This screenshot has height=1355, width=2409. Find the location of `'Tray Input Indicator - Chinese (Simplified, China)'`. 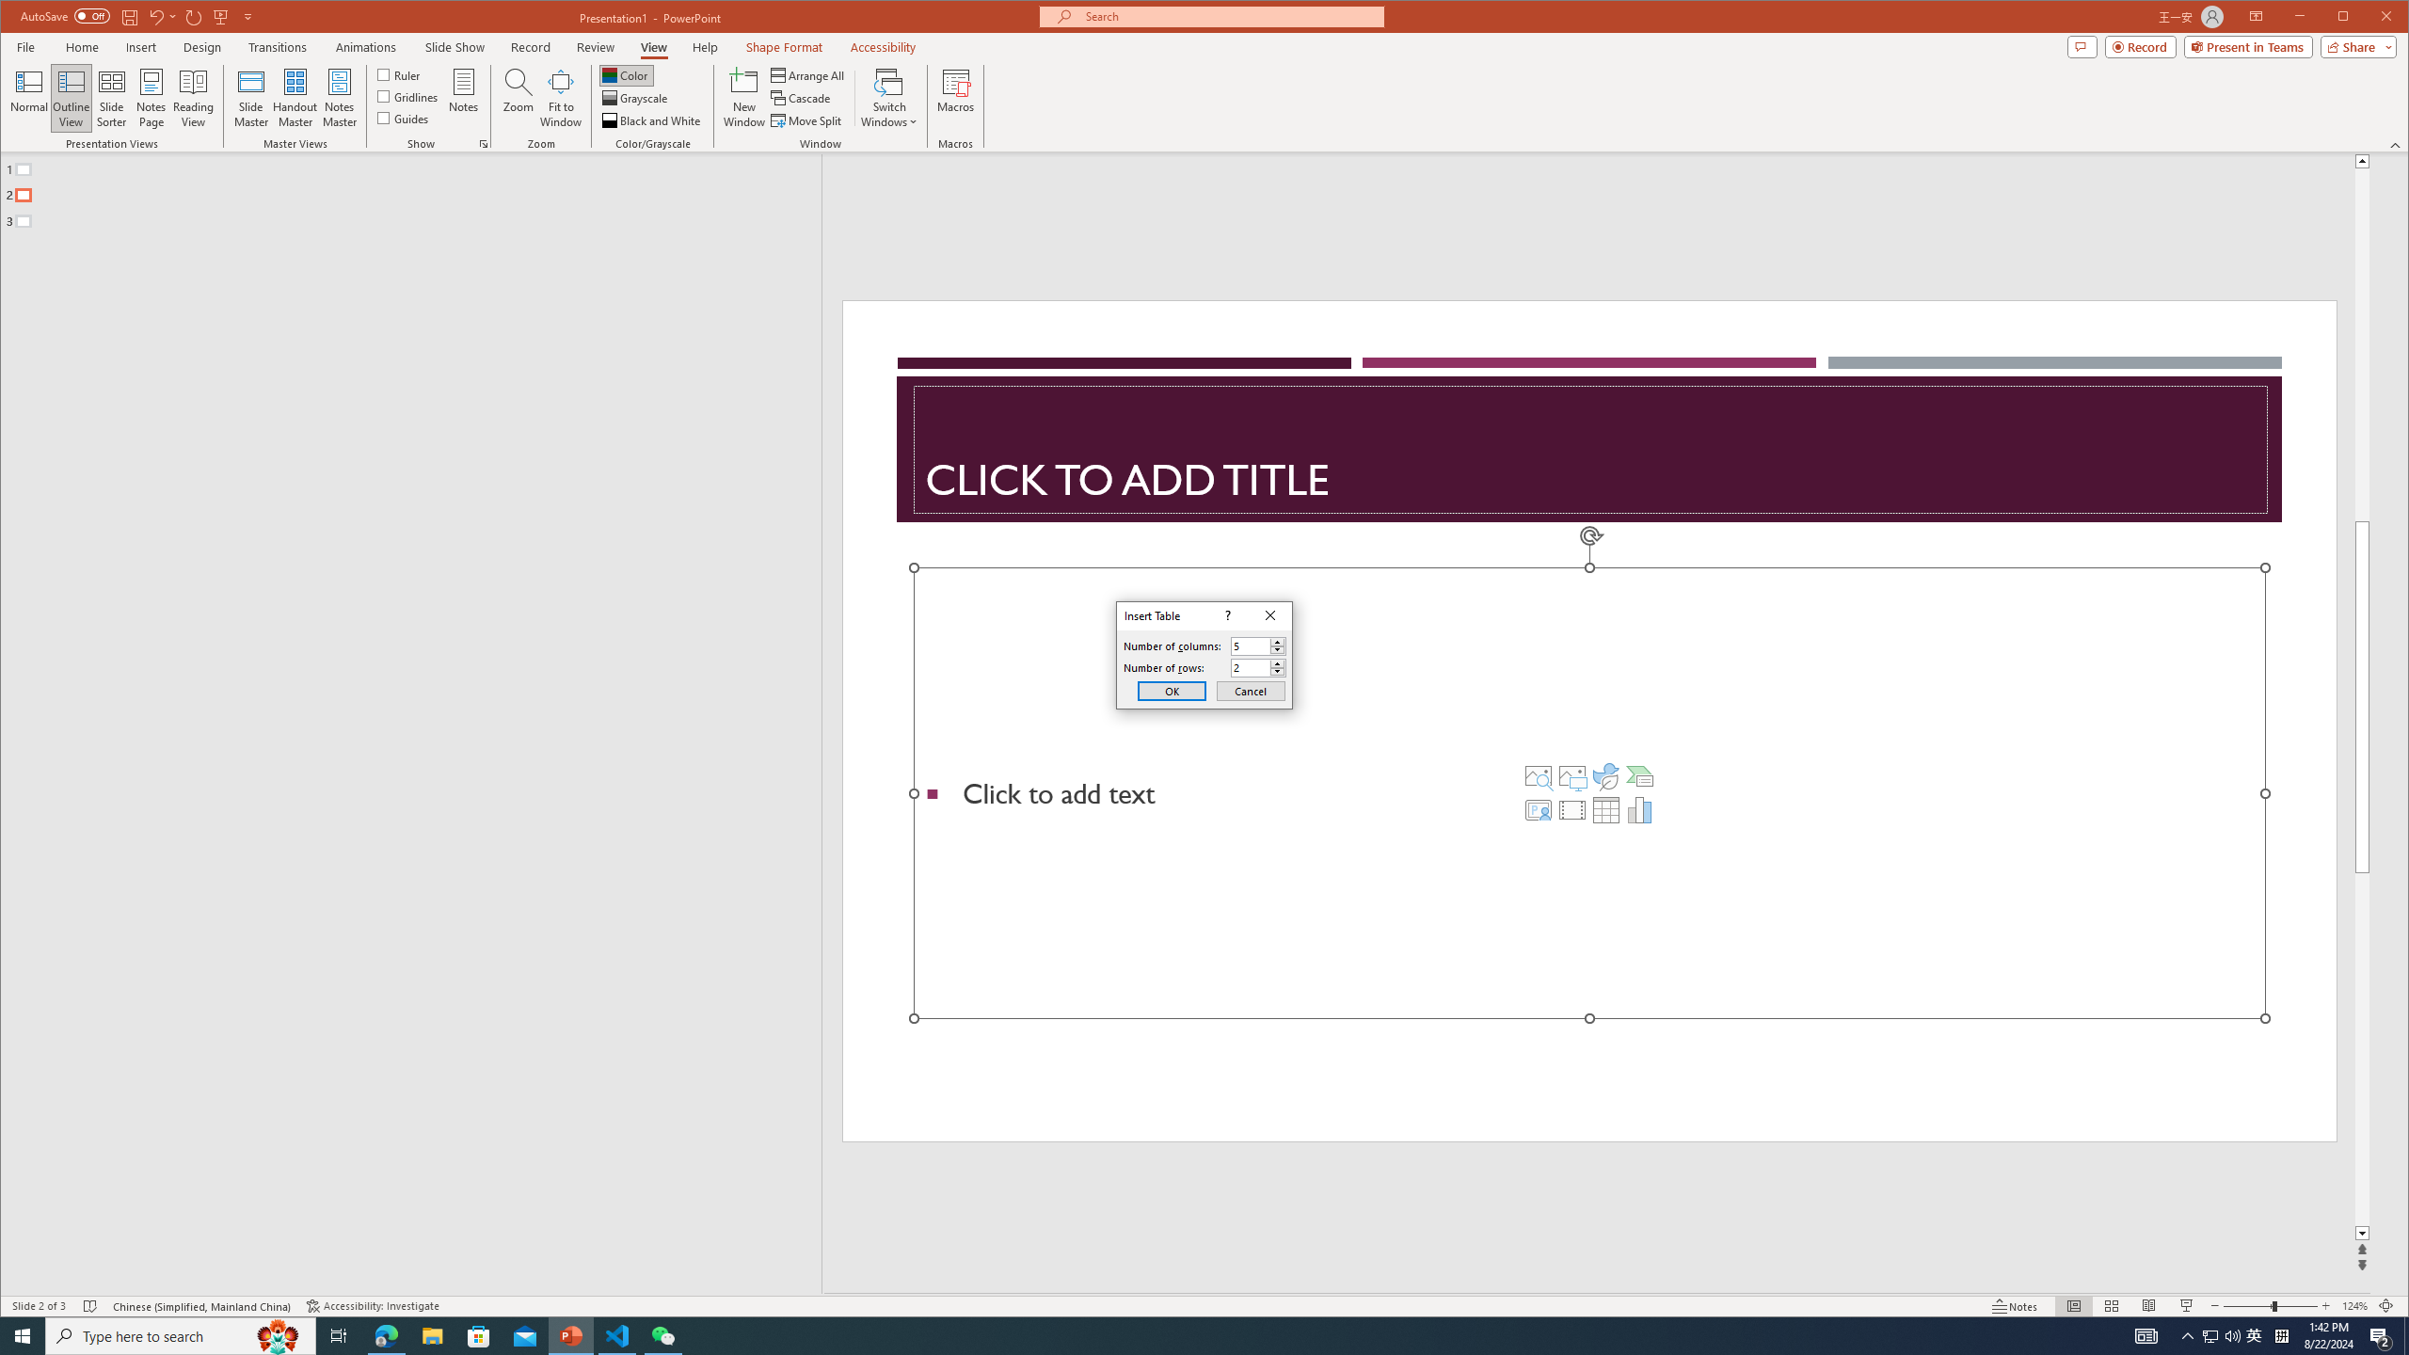

'Tray Input Indicator - Chinese (Simplified, China)' is located at coordinates (2281, 1334).